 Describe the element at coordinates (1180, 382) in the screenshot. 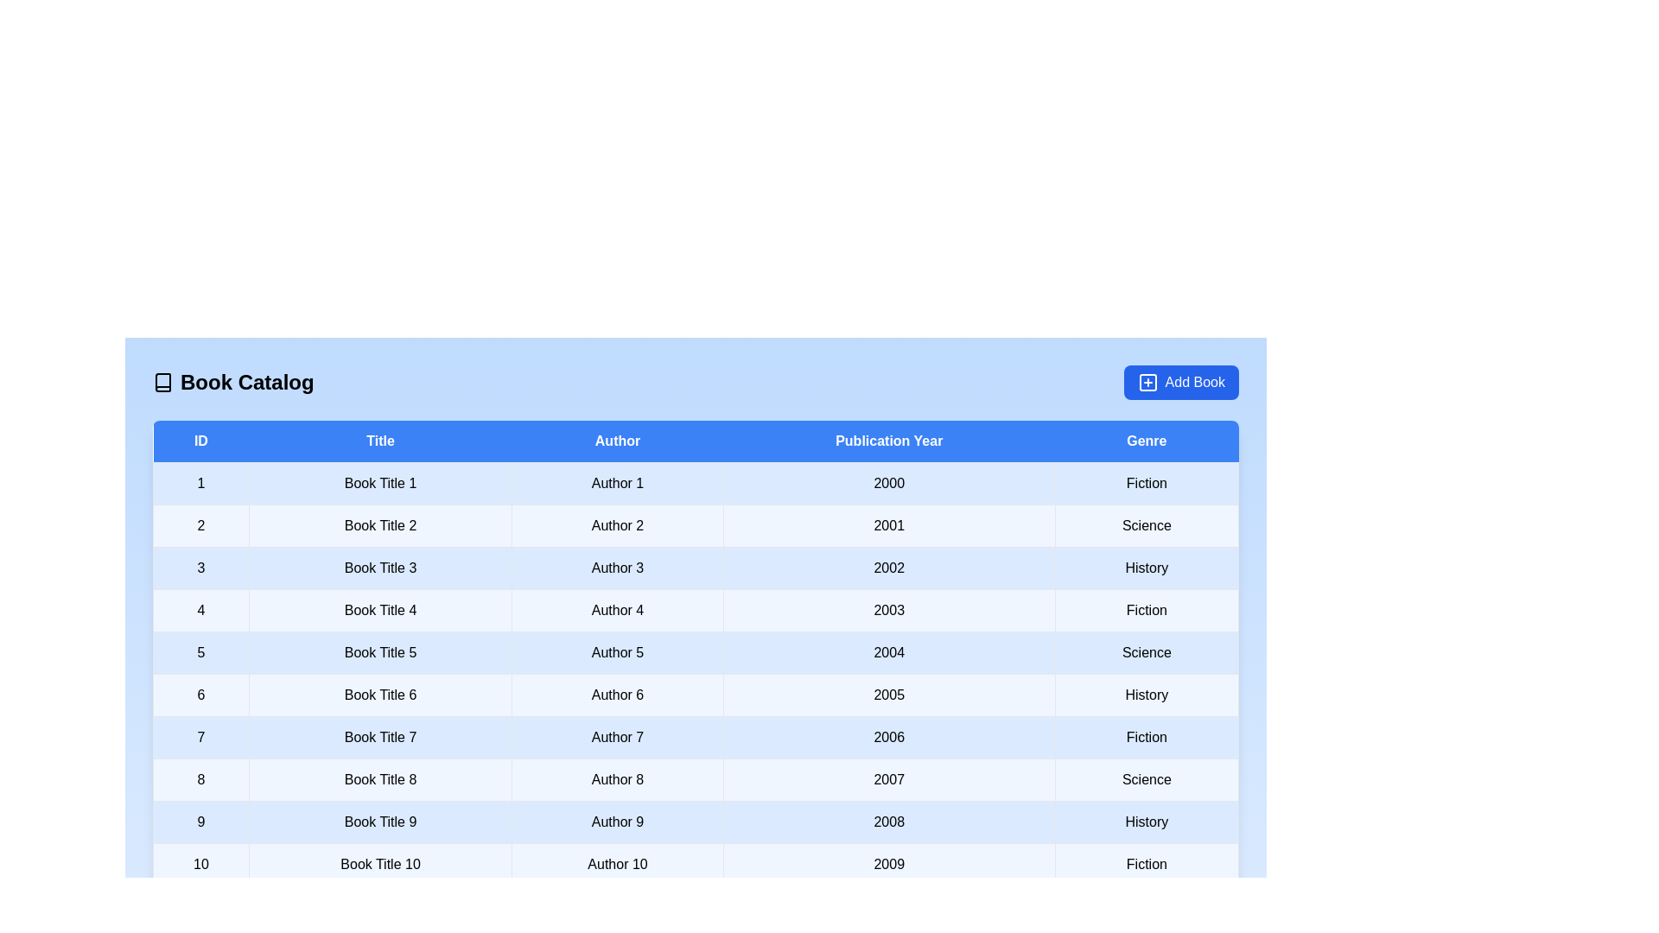

I see `'Add Book' button` at that location.